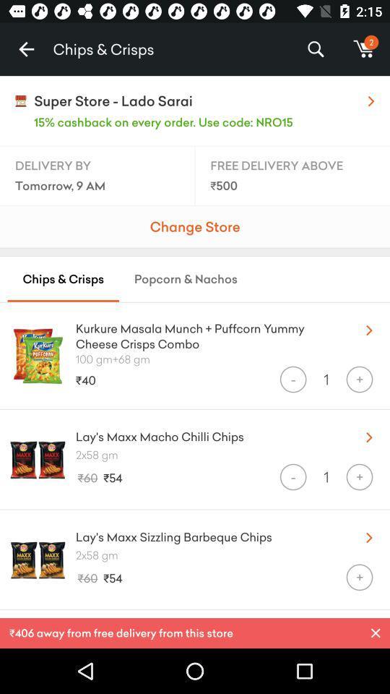  I want to click on the 100 gm 68, so click(233, 358).